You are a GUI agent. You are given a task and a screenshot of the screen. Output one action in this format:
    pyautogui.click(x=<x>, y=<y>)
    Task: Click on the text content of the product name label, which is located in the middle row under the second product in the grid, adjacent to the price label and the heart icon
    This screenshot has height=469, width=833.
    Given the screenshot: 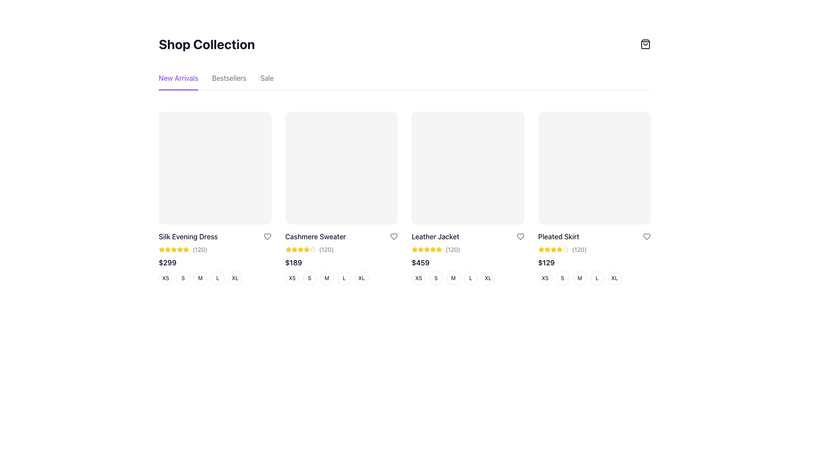 What is the action you would take?
    pyautogui.click(x=315, y=236)
    